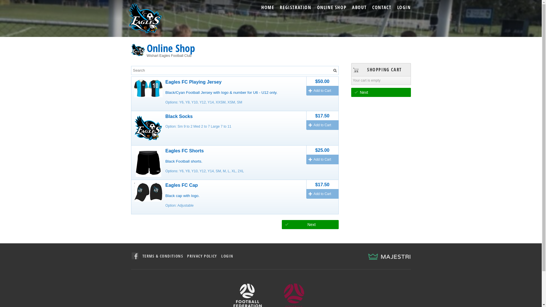 The height and width of the screenshot is (307, 546). What do you see at coordinates (322, 125) in the screenshot?
I see `'Add to Cart'` at bounding box center [322, 125].